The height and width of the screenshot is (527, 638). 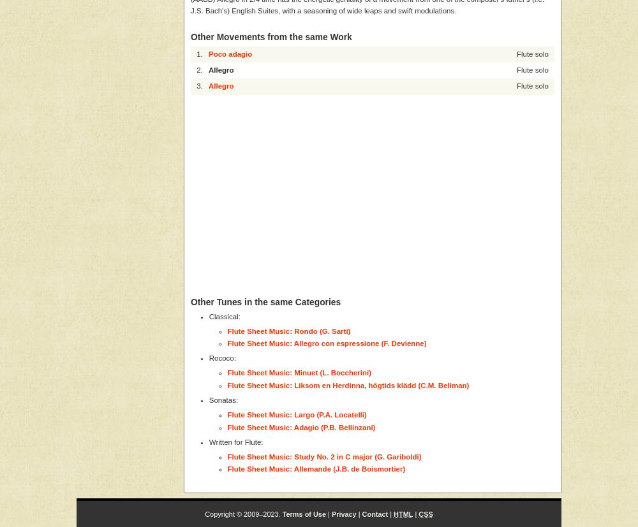 What do you see at coordinates (199, 54) in the screenshot?
I see `'1.'` at bounding box center [199, 54].